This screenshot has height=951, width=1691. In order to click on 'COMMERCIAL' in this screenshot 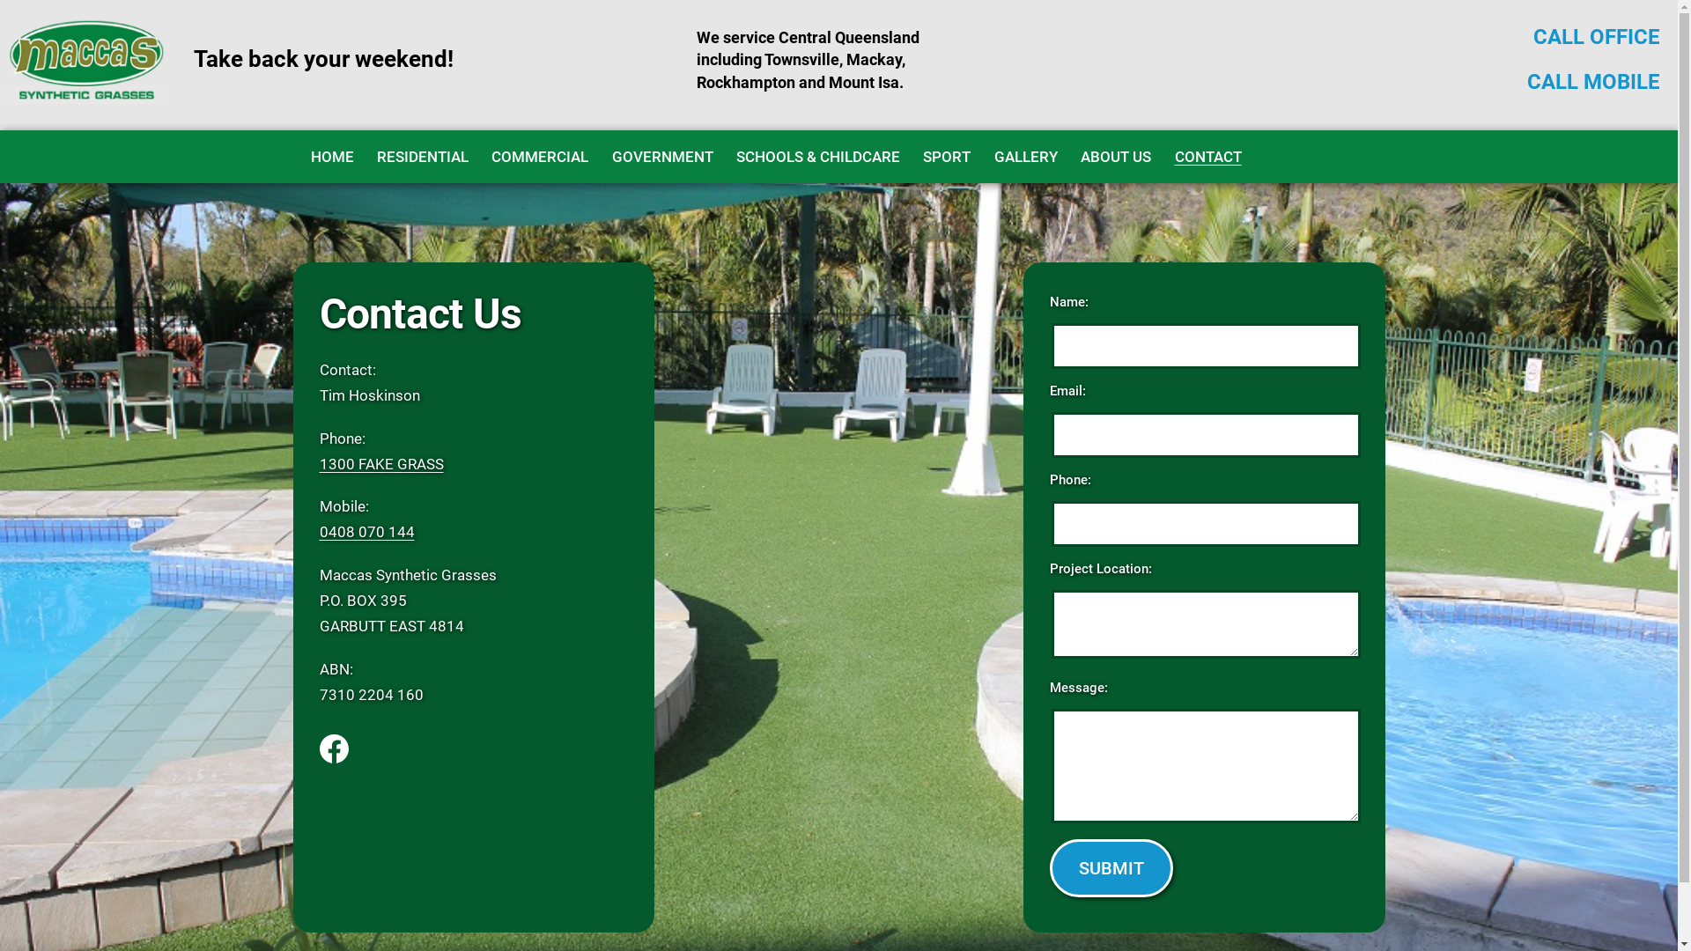, I will do `click(539, 155)`.